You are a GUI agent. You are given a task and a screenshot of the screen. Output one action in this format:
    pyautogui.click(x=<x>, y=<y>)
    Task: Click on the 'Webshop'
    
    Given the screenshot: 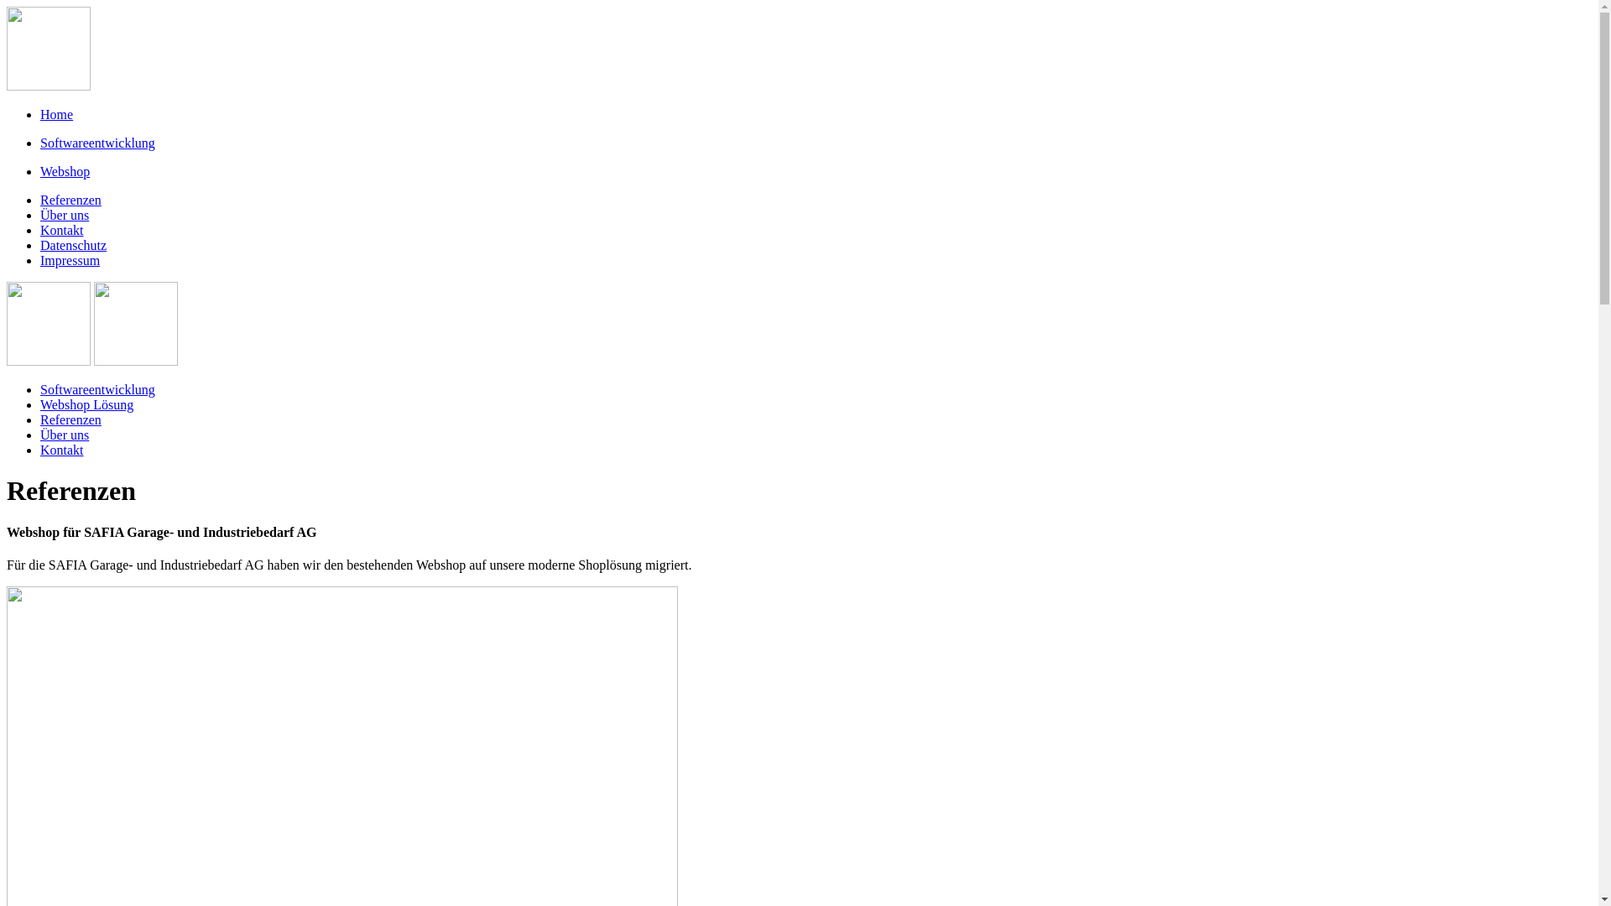 What is the action you would take?
    pyautogui.click(x=65, y=171)
    